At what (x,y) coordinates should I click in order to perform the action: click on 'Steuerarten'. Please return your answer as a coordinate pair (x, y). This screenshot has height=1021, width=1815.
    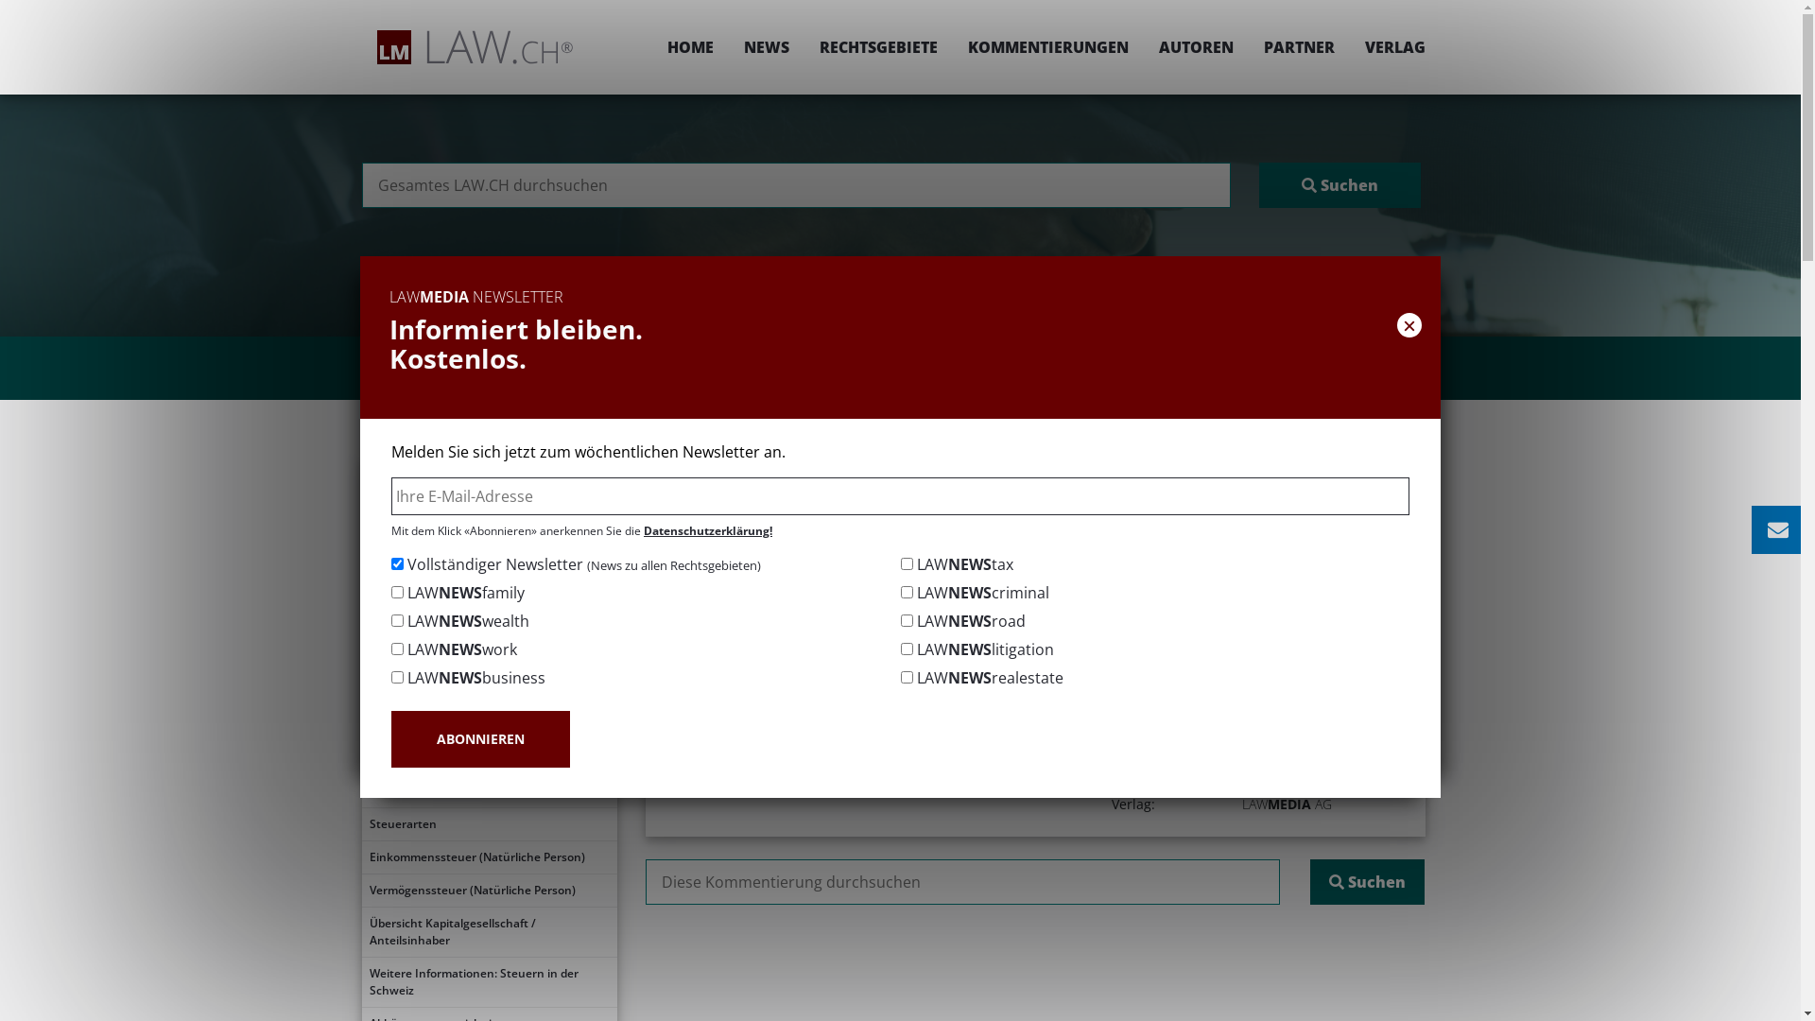
    Looking at the image, I should click on (489, 822).